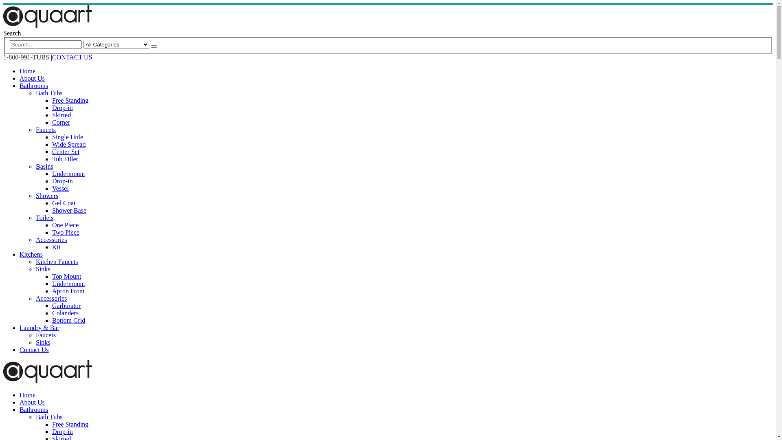 The width and height of the screenshot is (782, 440). Describe the element at coordinates (52, 188) in the screenshot. I see `'Vessel'` at that location.